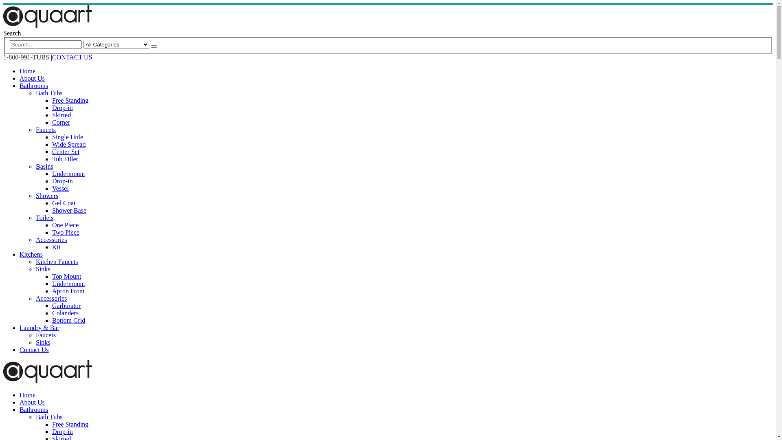 The width and height of the screenshot is (782, 440). Describe the element at coordinates (52, 188) in the screenshot. I see `'Vessel'` at that location.